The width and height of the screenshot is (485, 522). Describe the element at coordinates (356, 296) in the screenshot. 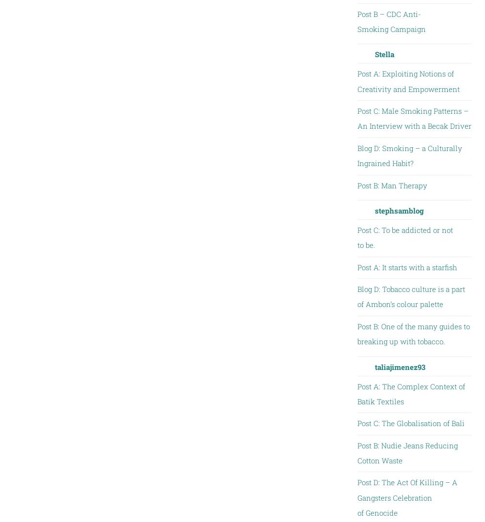

I see `'Blog D: Tobacco culture is a part of Ambon’s colour palette'` at that location.